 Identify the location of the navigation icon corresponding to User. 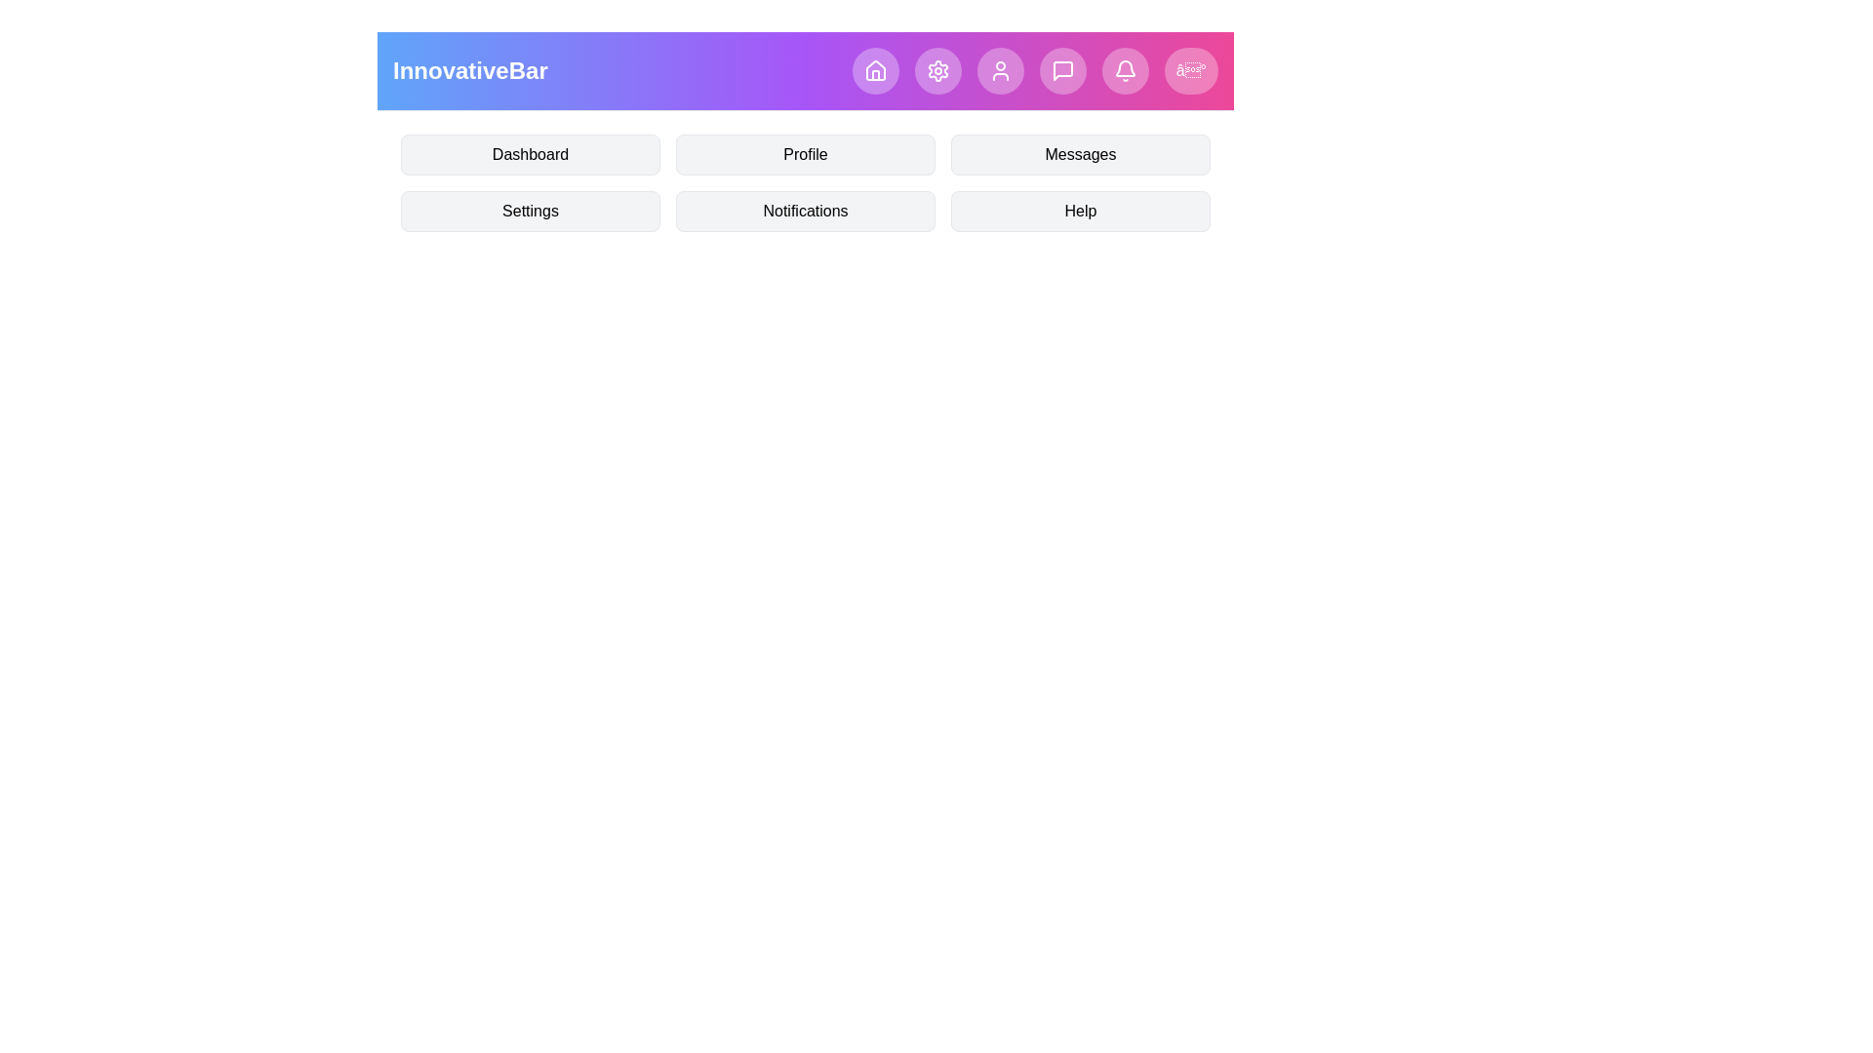
(1000, 70).